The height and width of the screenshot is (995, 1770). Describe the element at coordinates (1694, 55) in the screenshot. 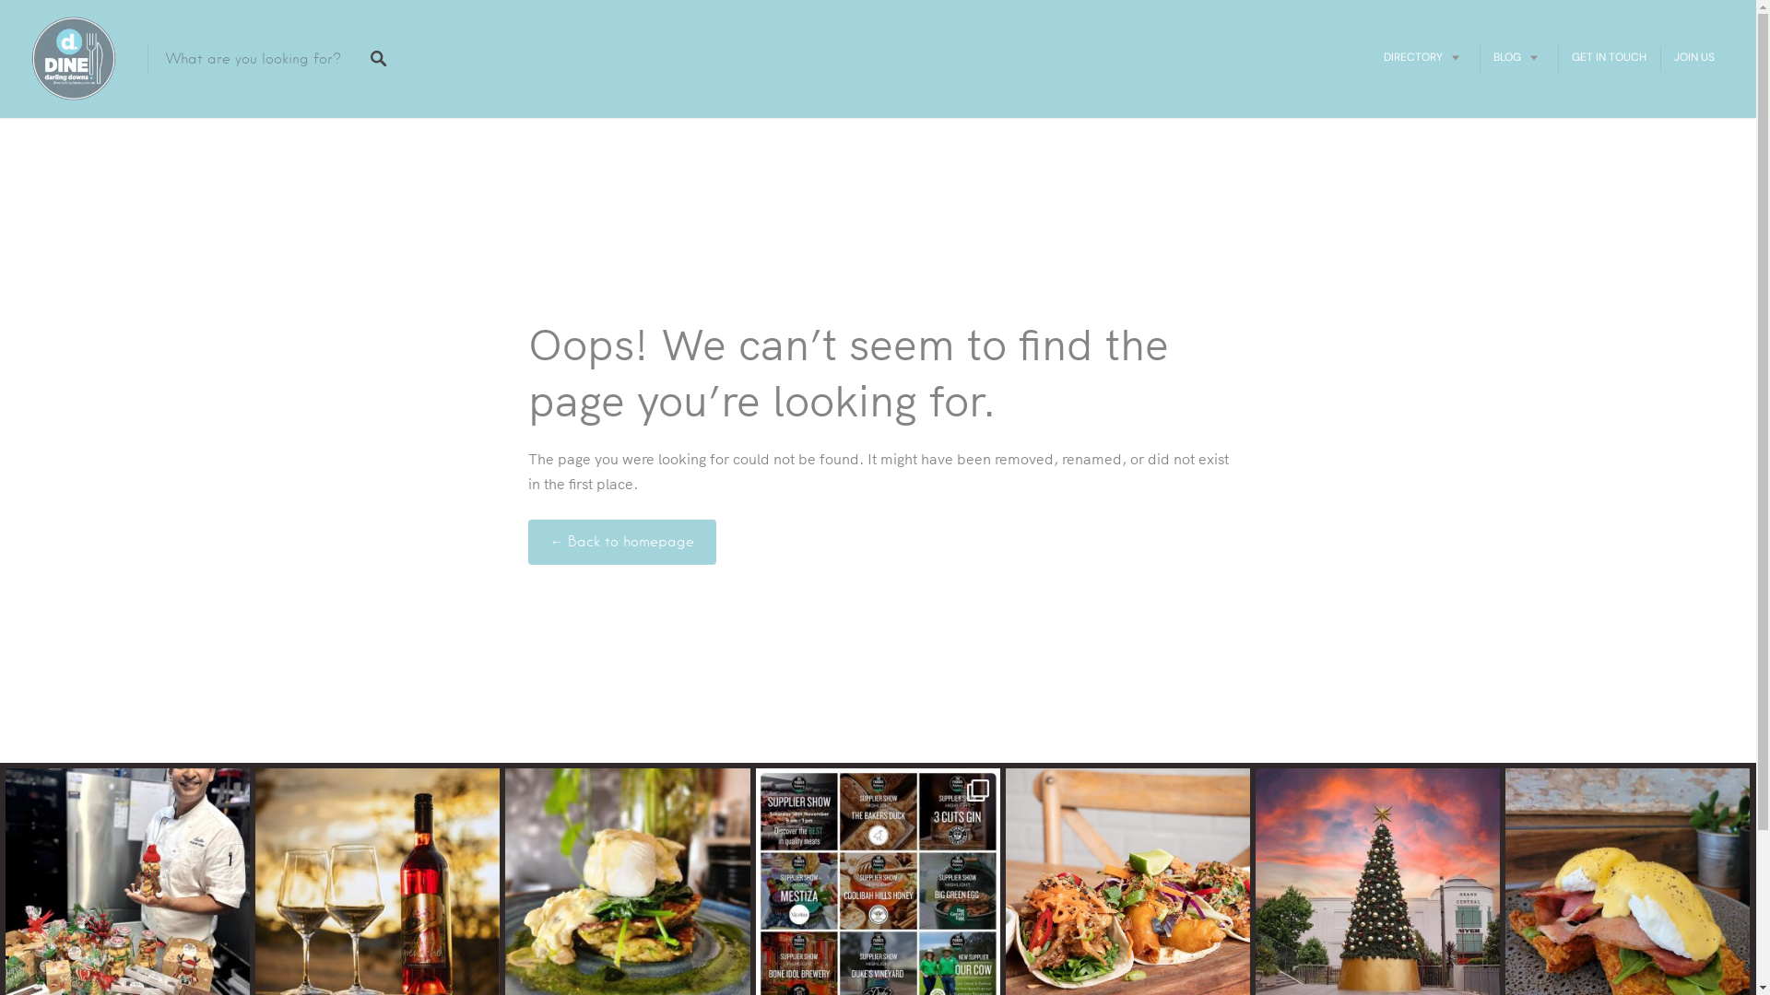

I see `'JOIN US'` at that location.